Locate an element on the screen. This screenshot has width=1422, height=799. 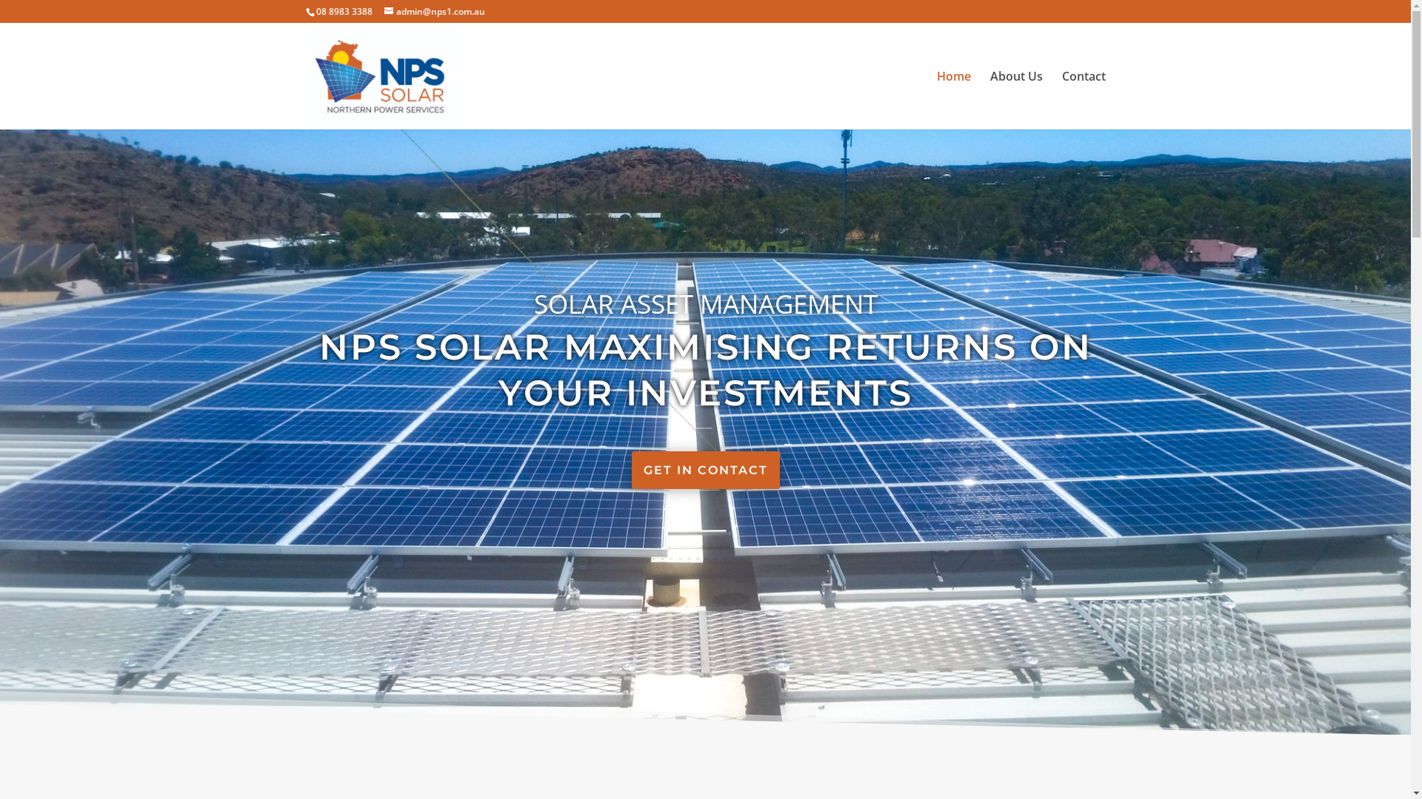
'admin@nps1.com.au' is located at coordinates (433, 11).